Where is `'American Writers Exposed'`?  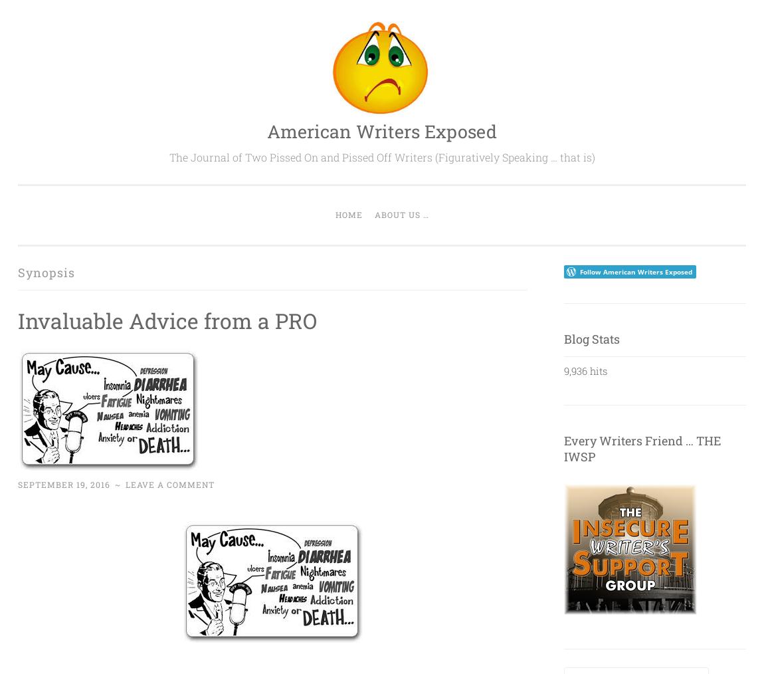
'American Writers Exposed' is located at coordinates (382, 130).